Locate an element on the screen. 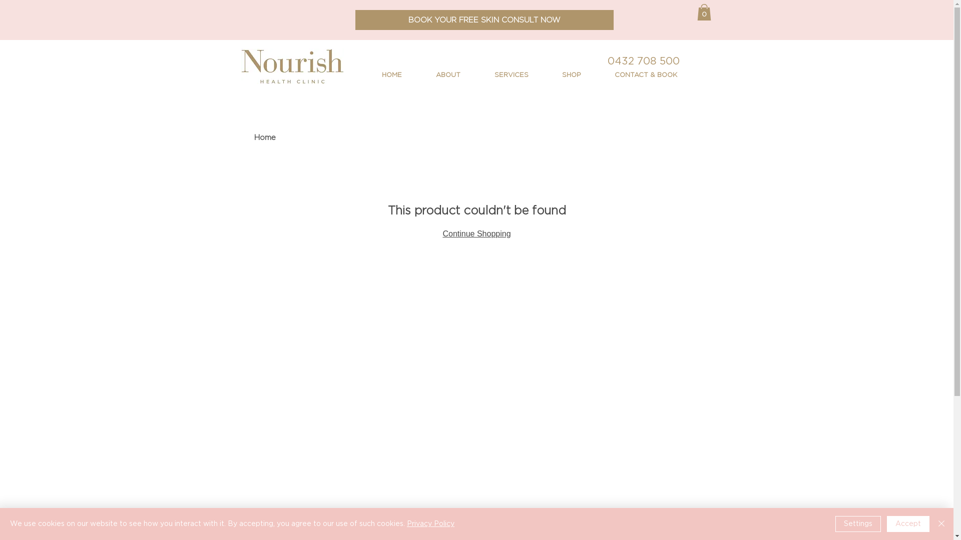 The image size is (961, 540). 'Home' is located at coordinates (265, 137).